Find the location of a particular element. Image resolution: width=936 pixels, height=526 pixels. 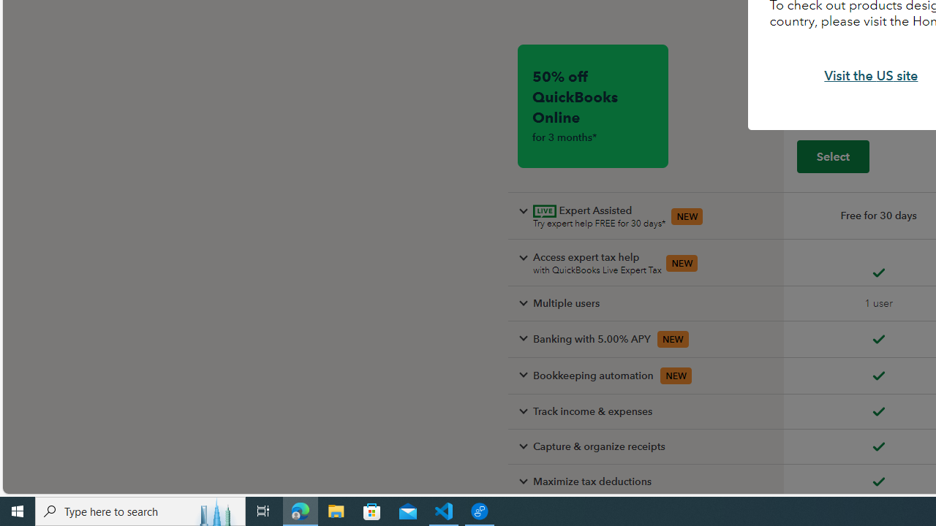

'Select simple start' is located at coordinates (833, 156).